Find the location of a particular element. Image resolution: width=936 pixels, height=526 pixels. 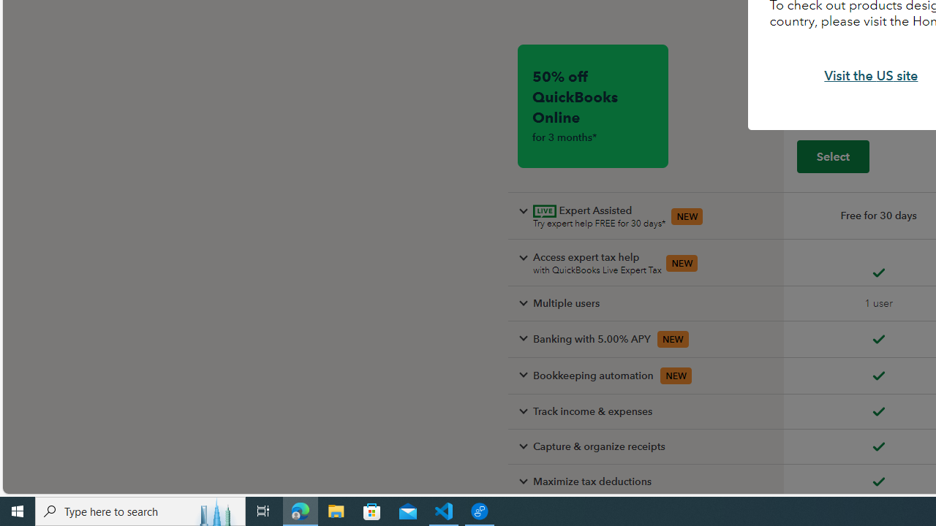

'Select simple start' is located at coordinates (833, 156).